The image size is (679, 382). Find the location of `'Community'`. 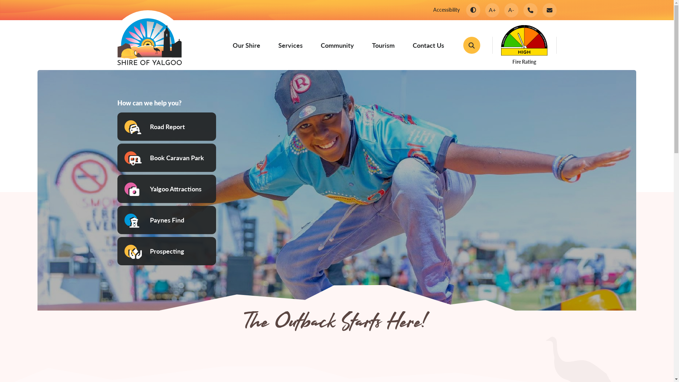

'Community' is located at coordinates (320, 45).